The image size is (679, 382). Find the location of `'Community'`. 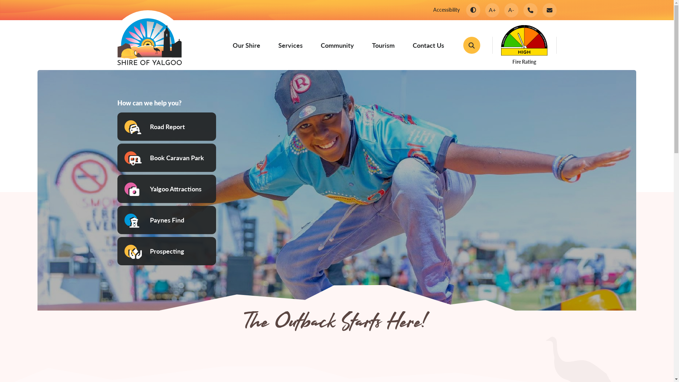

'Community' is located at coordinates (320, 45).